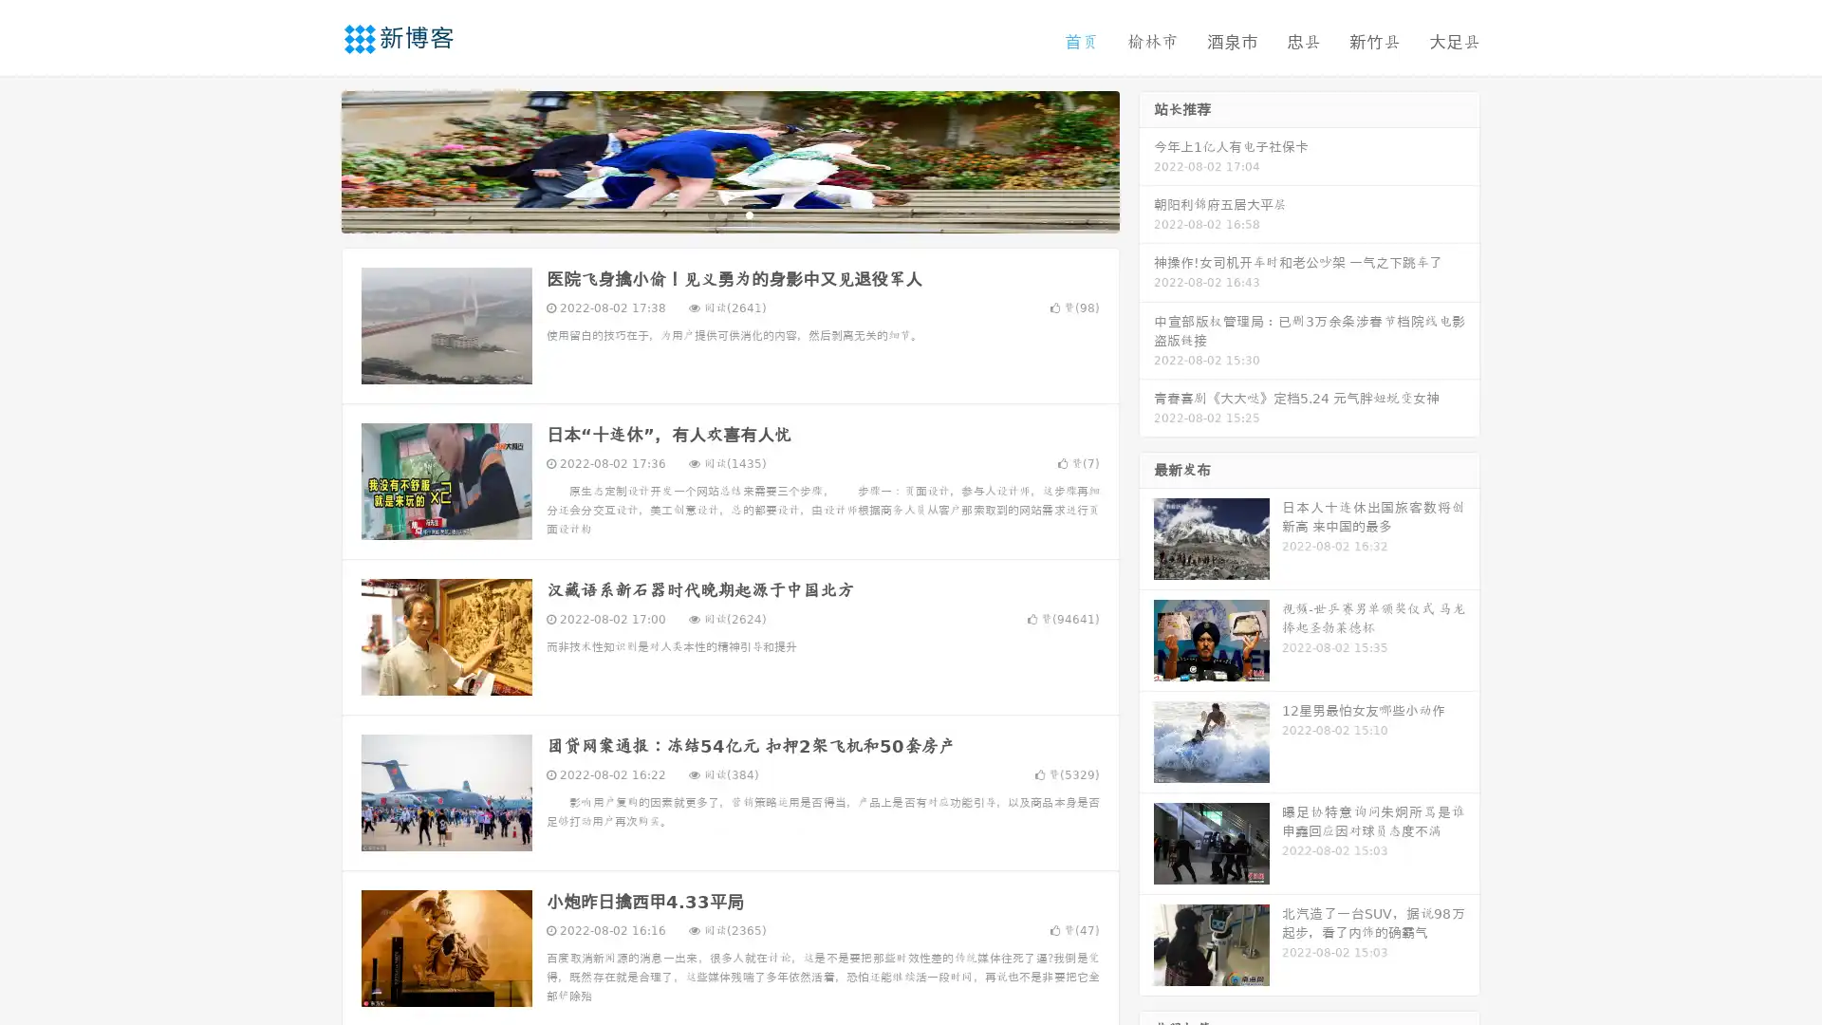  I want to click on Go to slide 2, so click(729, 214).